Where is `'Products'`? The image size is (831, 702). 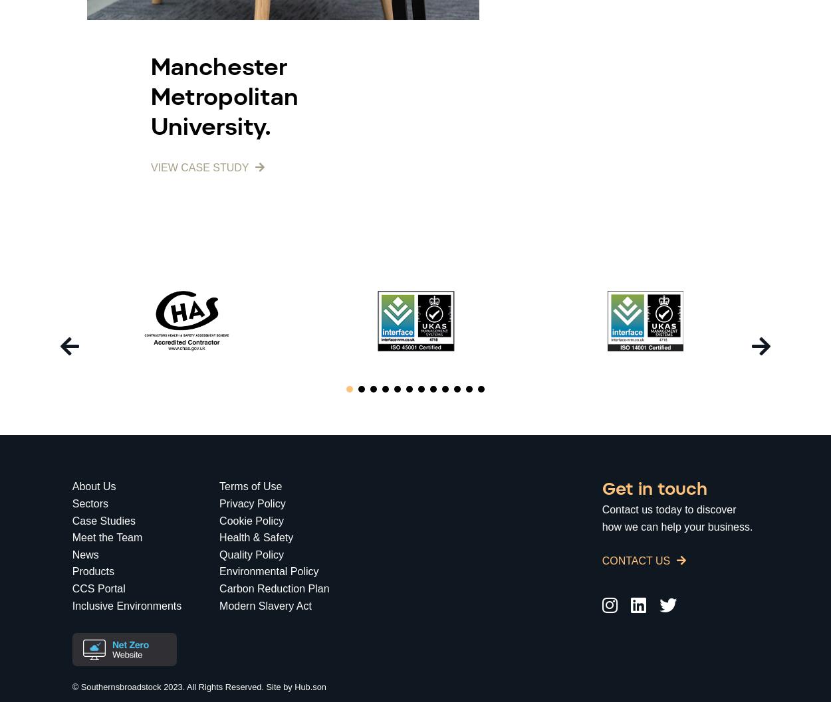
'Products' is located at coordinates (71, 570).